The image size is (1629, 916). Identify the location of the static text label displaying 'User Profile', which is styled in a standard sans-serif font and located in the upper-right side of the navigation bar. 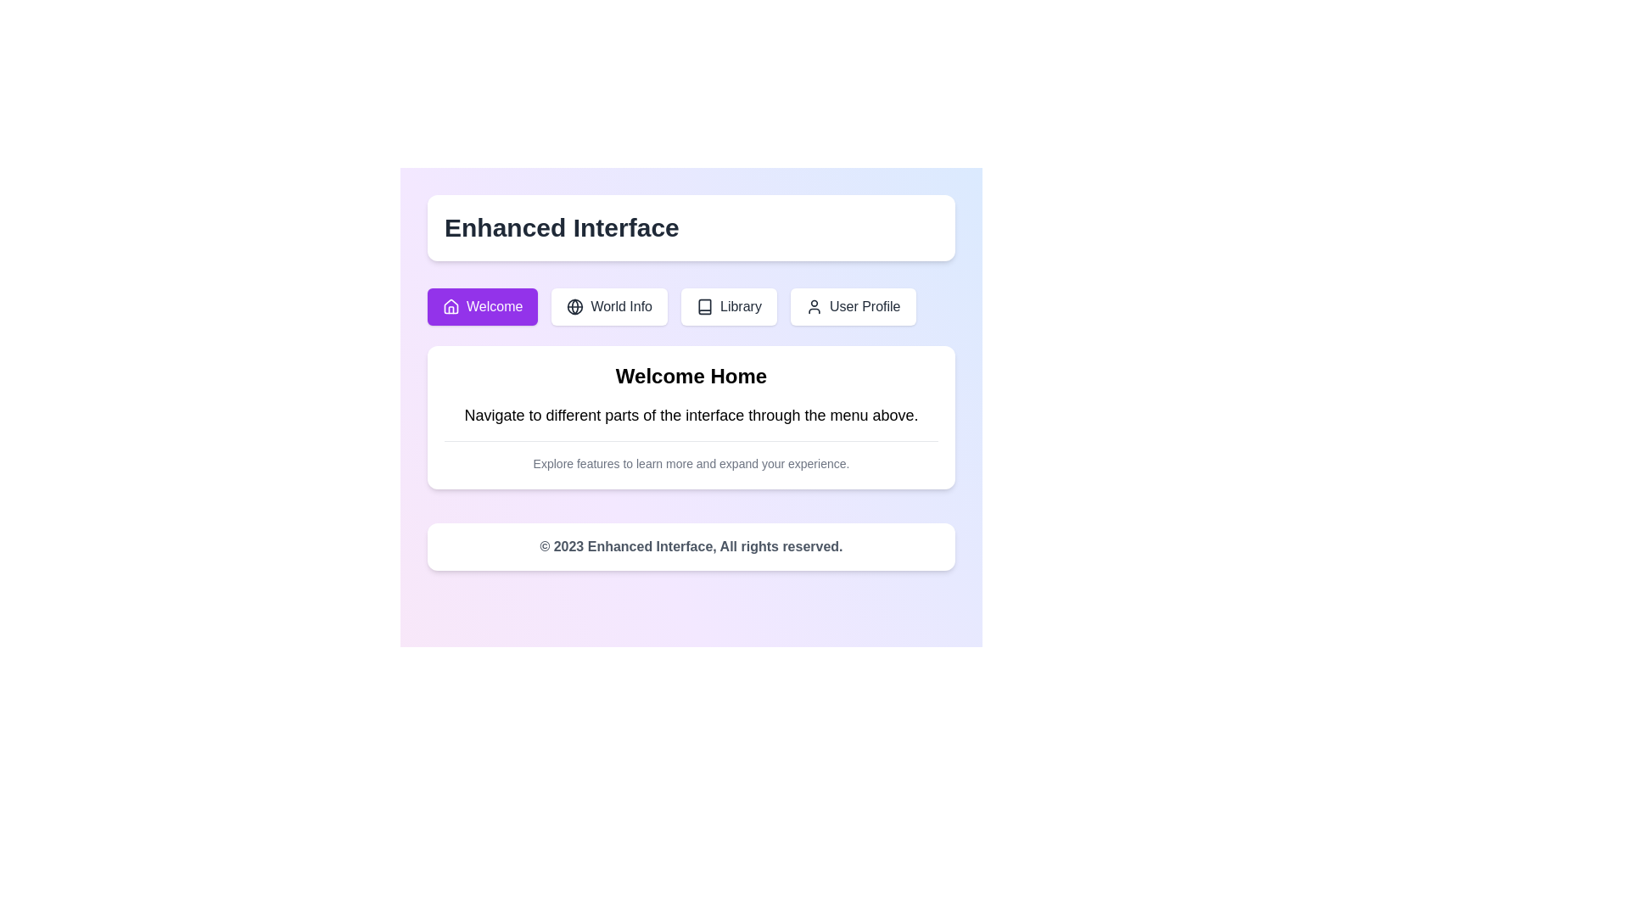
(865, 306).